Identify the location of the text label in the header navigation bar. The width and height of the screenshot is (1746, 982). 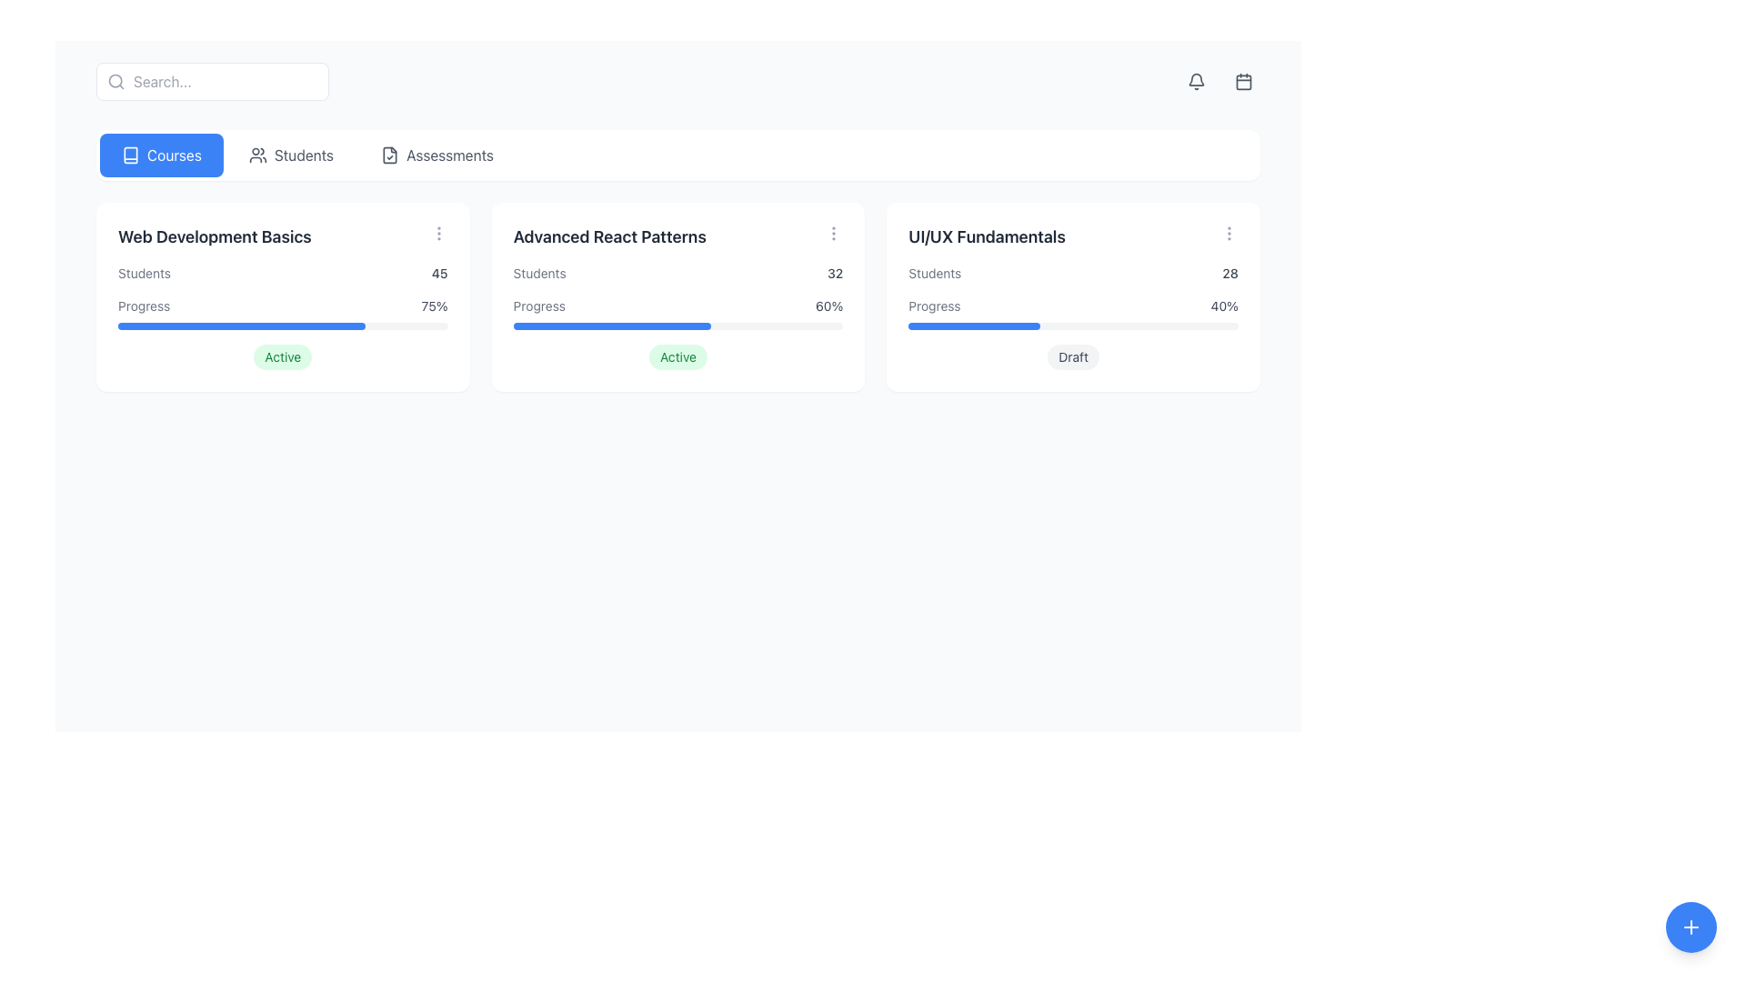
(304, 154).